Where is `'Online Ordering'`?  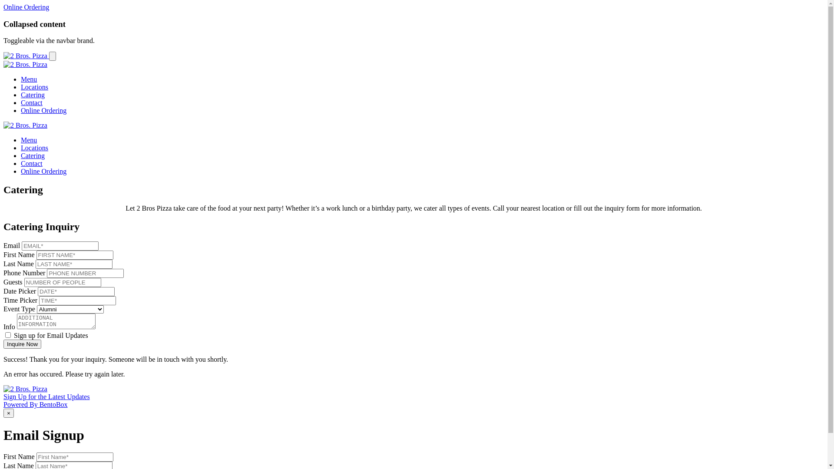
'Online Ordering' is located at coordinates (43, 110).